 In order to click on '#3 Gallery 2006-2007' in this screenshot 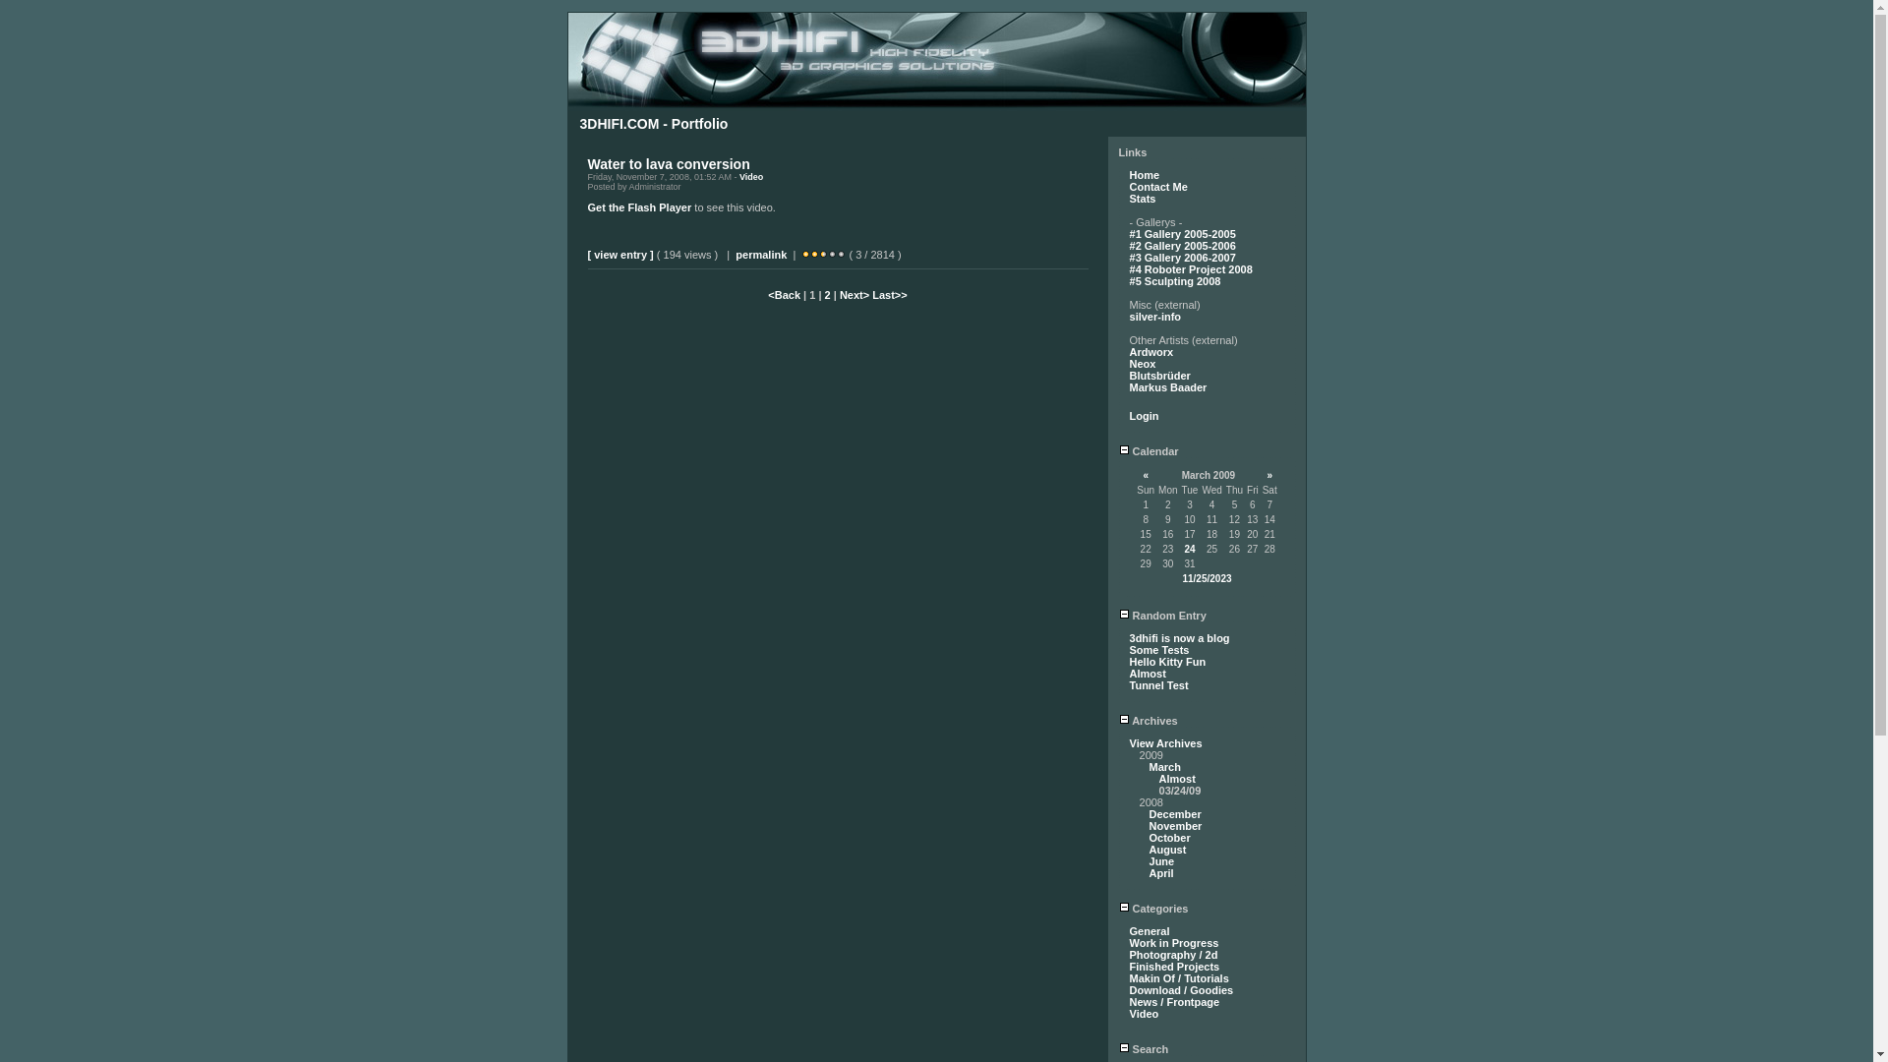, I will do `click(1182, 257)`.